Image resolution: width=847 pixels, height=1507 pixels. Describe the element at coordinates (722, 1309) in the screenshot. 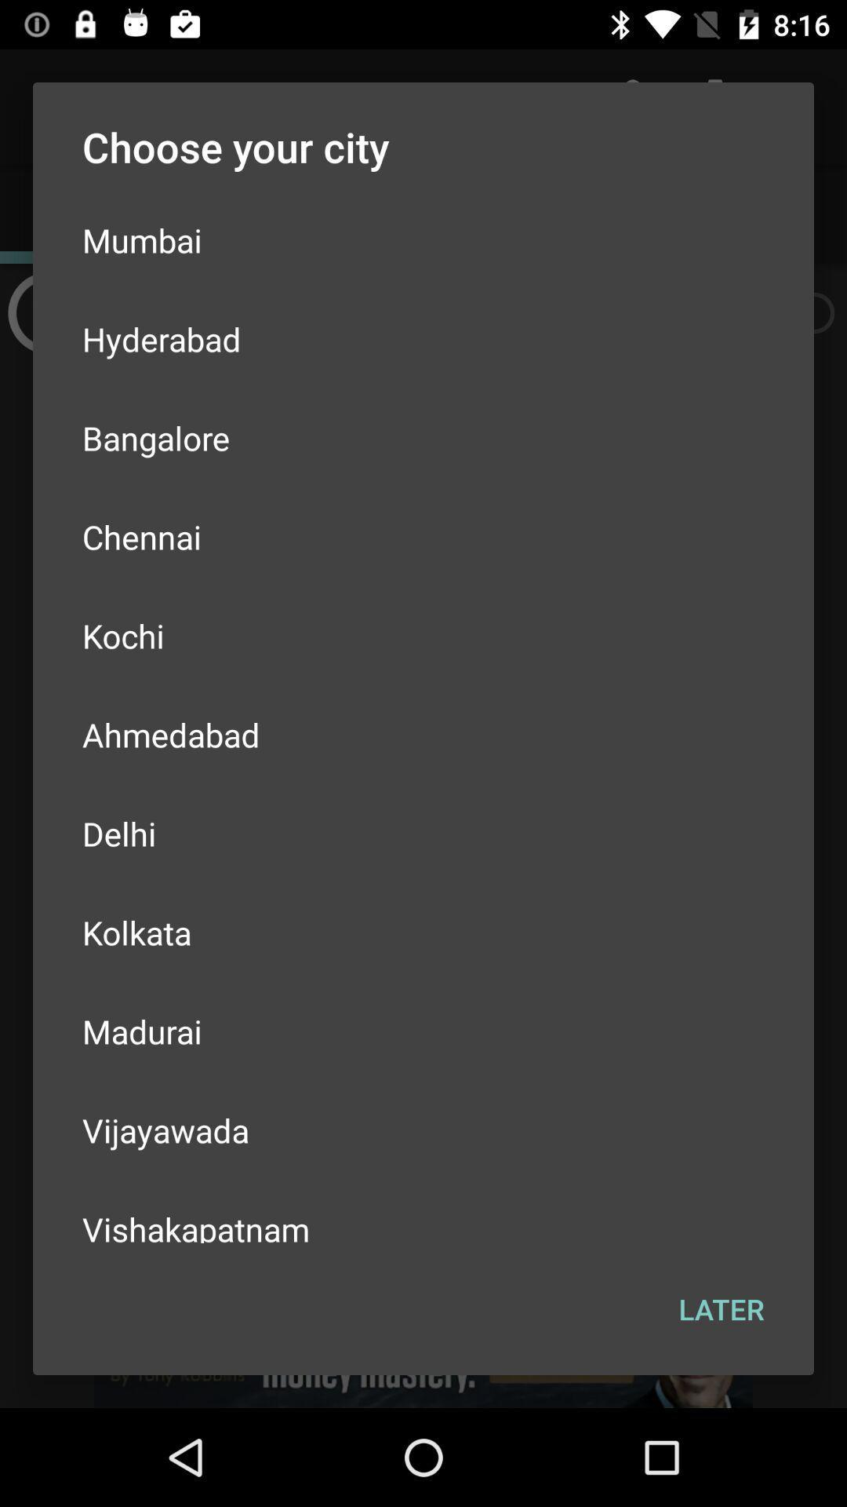

I see `icon at the bottom right corner` at that location.